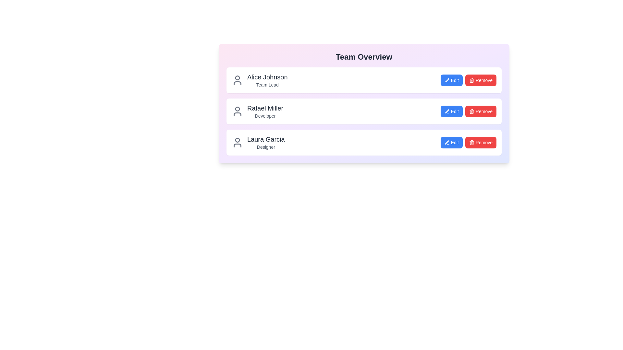 The width and height of the screenshot is (623, 350). I want to click on the 'Edit' button for the team member Laura Garcia, so click(451, 142).